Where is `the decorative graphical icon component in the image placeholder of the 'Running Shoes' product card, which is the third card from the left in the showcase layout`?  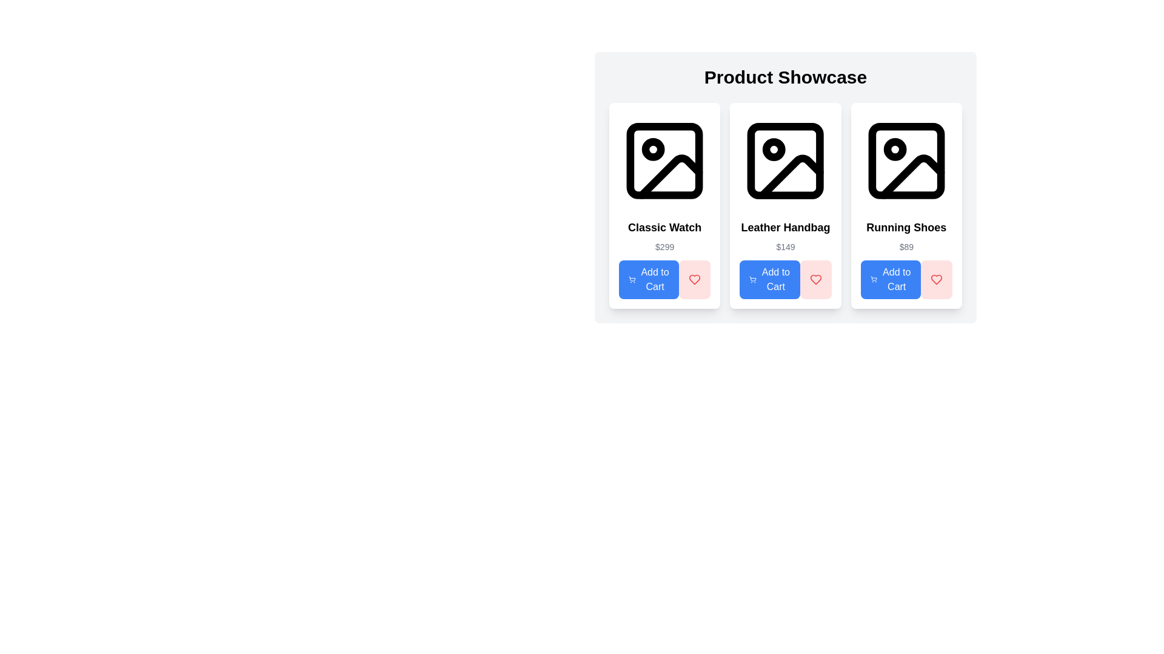
the decorative graphical icon component in the image placeholder of the 'Running Shoes' product card, which is the third card from the left in the showcase layout is located at coordinates (906, 160).